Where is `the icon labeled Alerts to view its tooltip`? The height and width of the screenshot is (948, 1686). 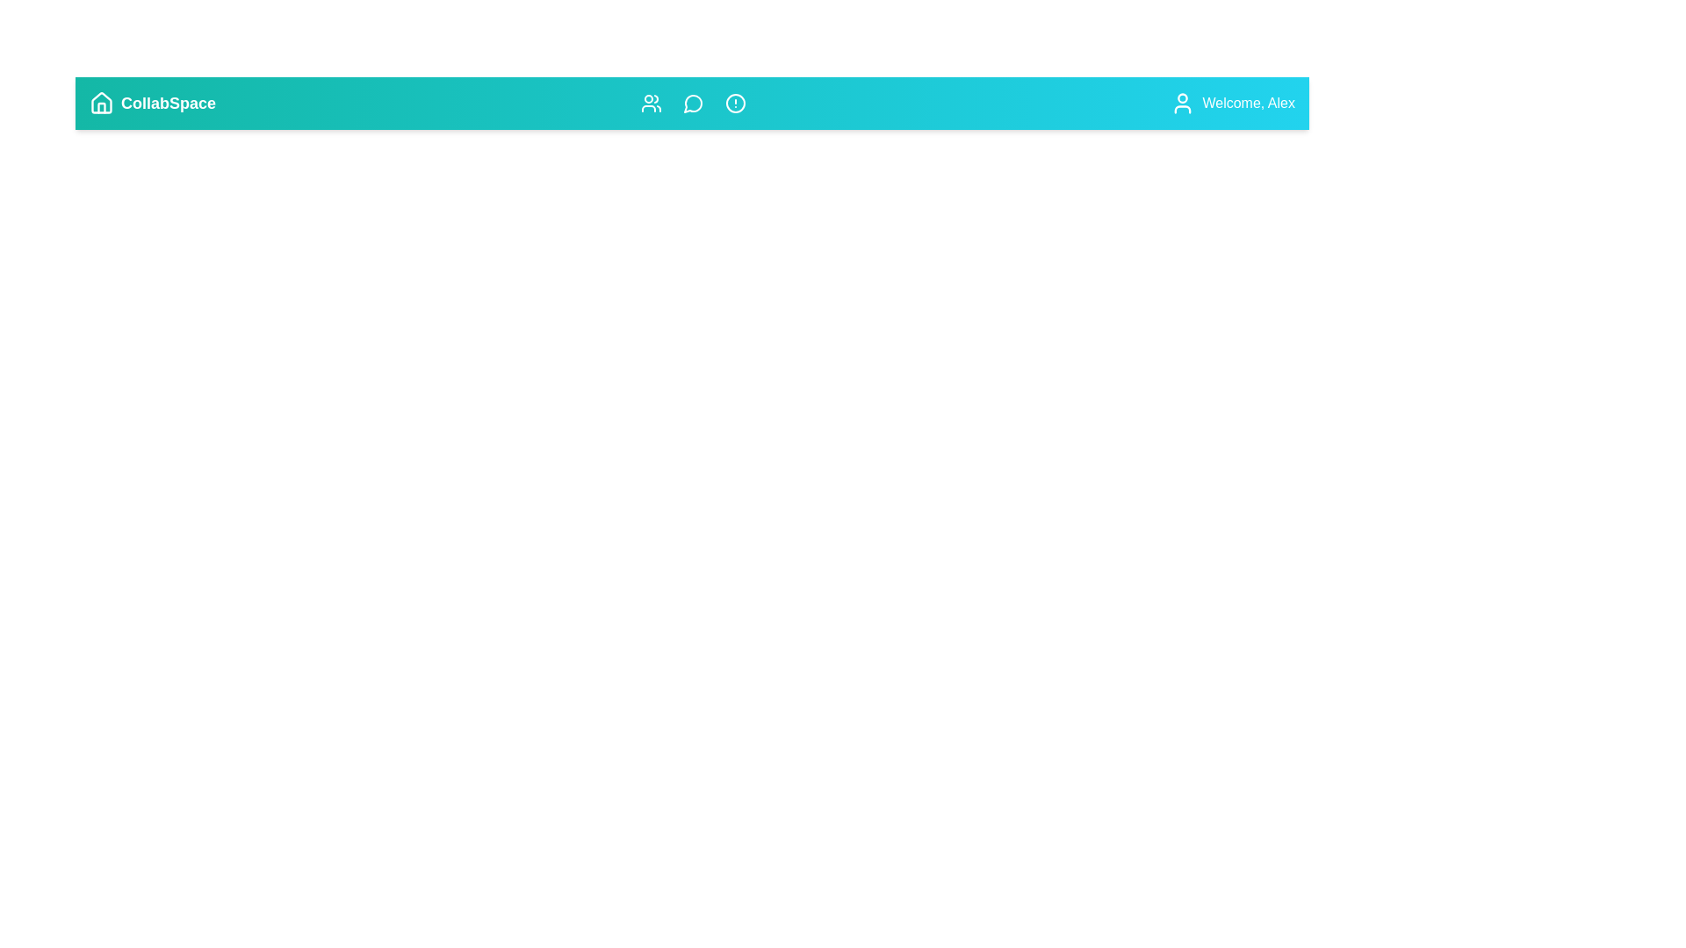
the icon labeled Alerts to view its tooltip is located at coordinates (735, 104).